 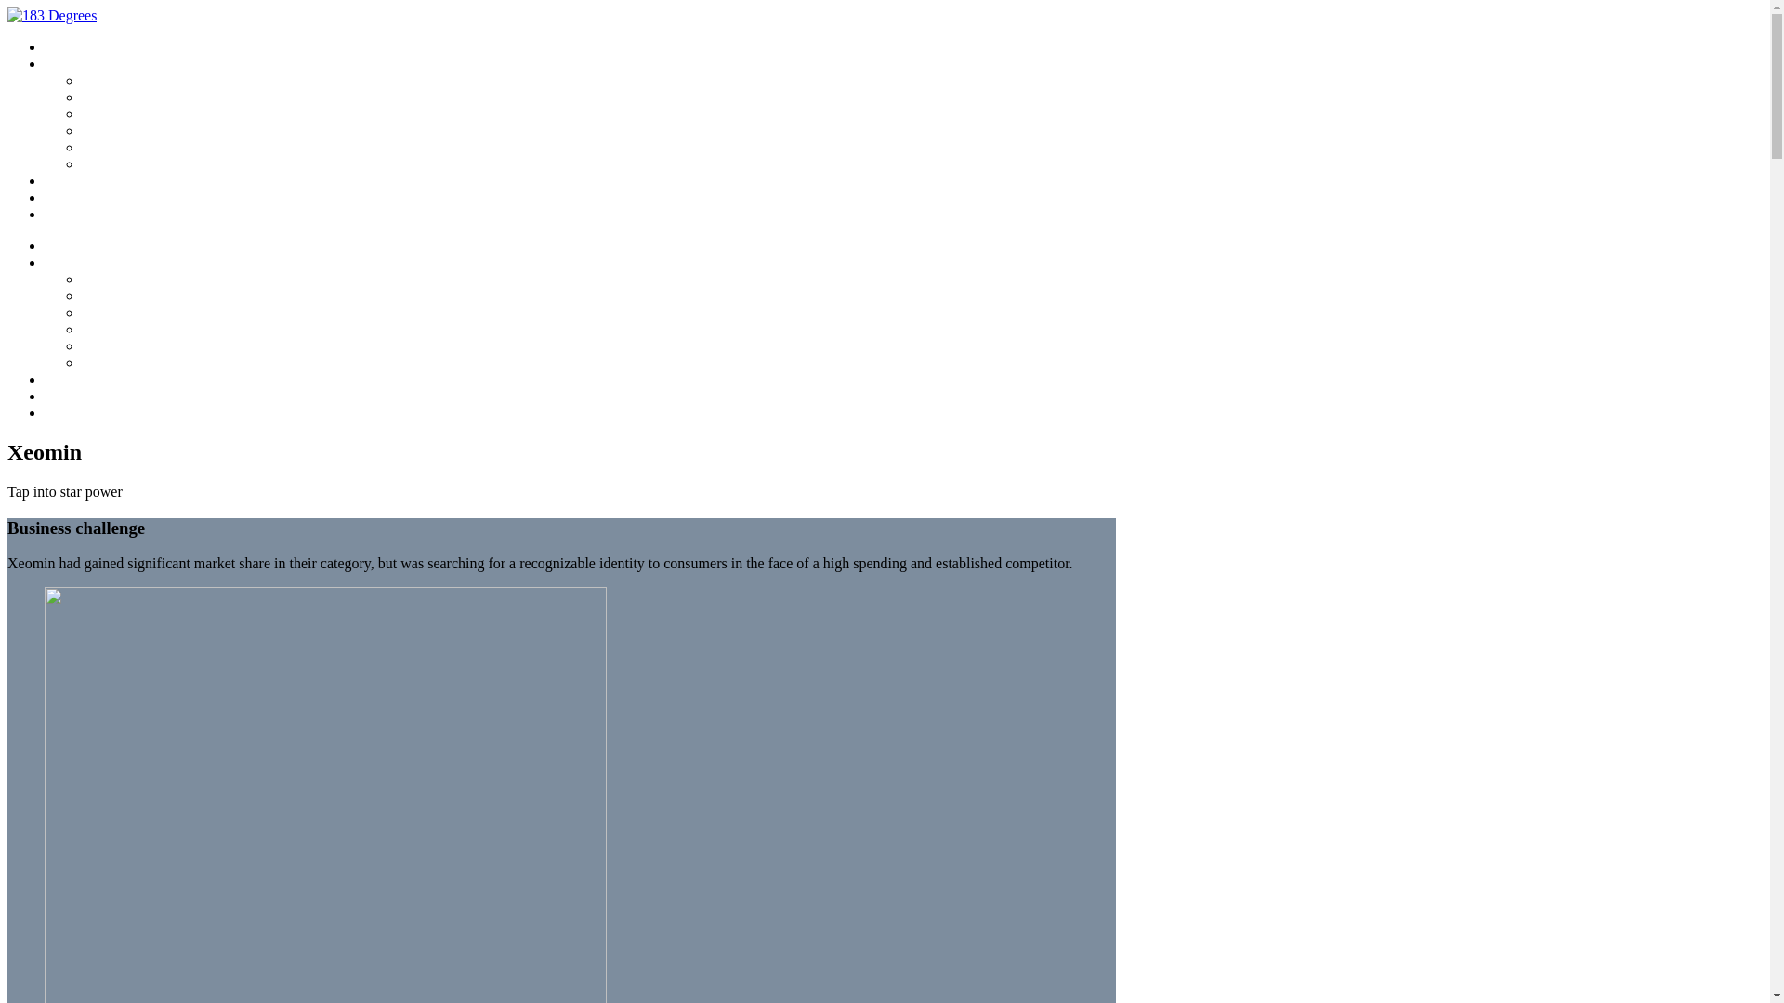 What do you see at coordinates (126, 114) in the screenshot?
I see `'Clear + Brilliant'` at bounding box center [126, 114].